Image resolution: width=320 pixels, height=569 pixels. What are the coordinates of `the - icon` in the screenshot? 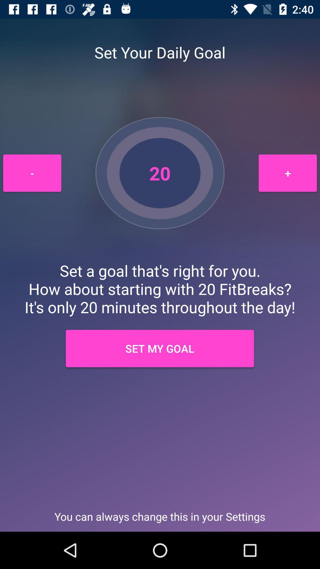 It's located at (32, 173).